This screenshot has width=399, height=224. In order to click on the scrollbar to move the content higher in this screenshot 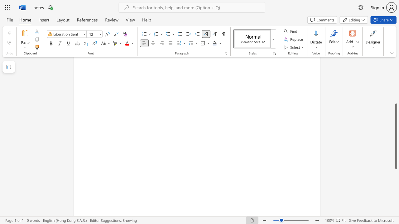, I will do `click(396, 84)`.